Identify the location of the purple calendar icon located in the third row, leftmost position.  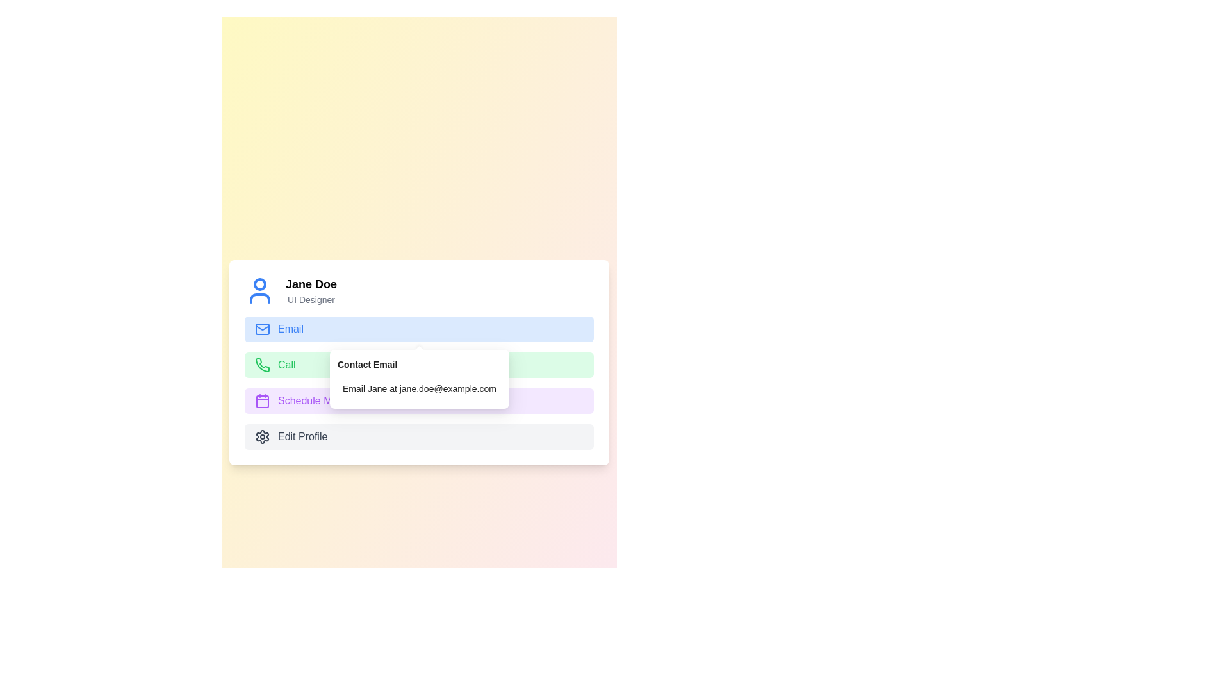
(261, 400).